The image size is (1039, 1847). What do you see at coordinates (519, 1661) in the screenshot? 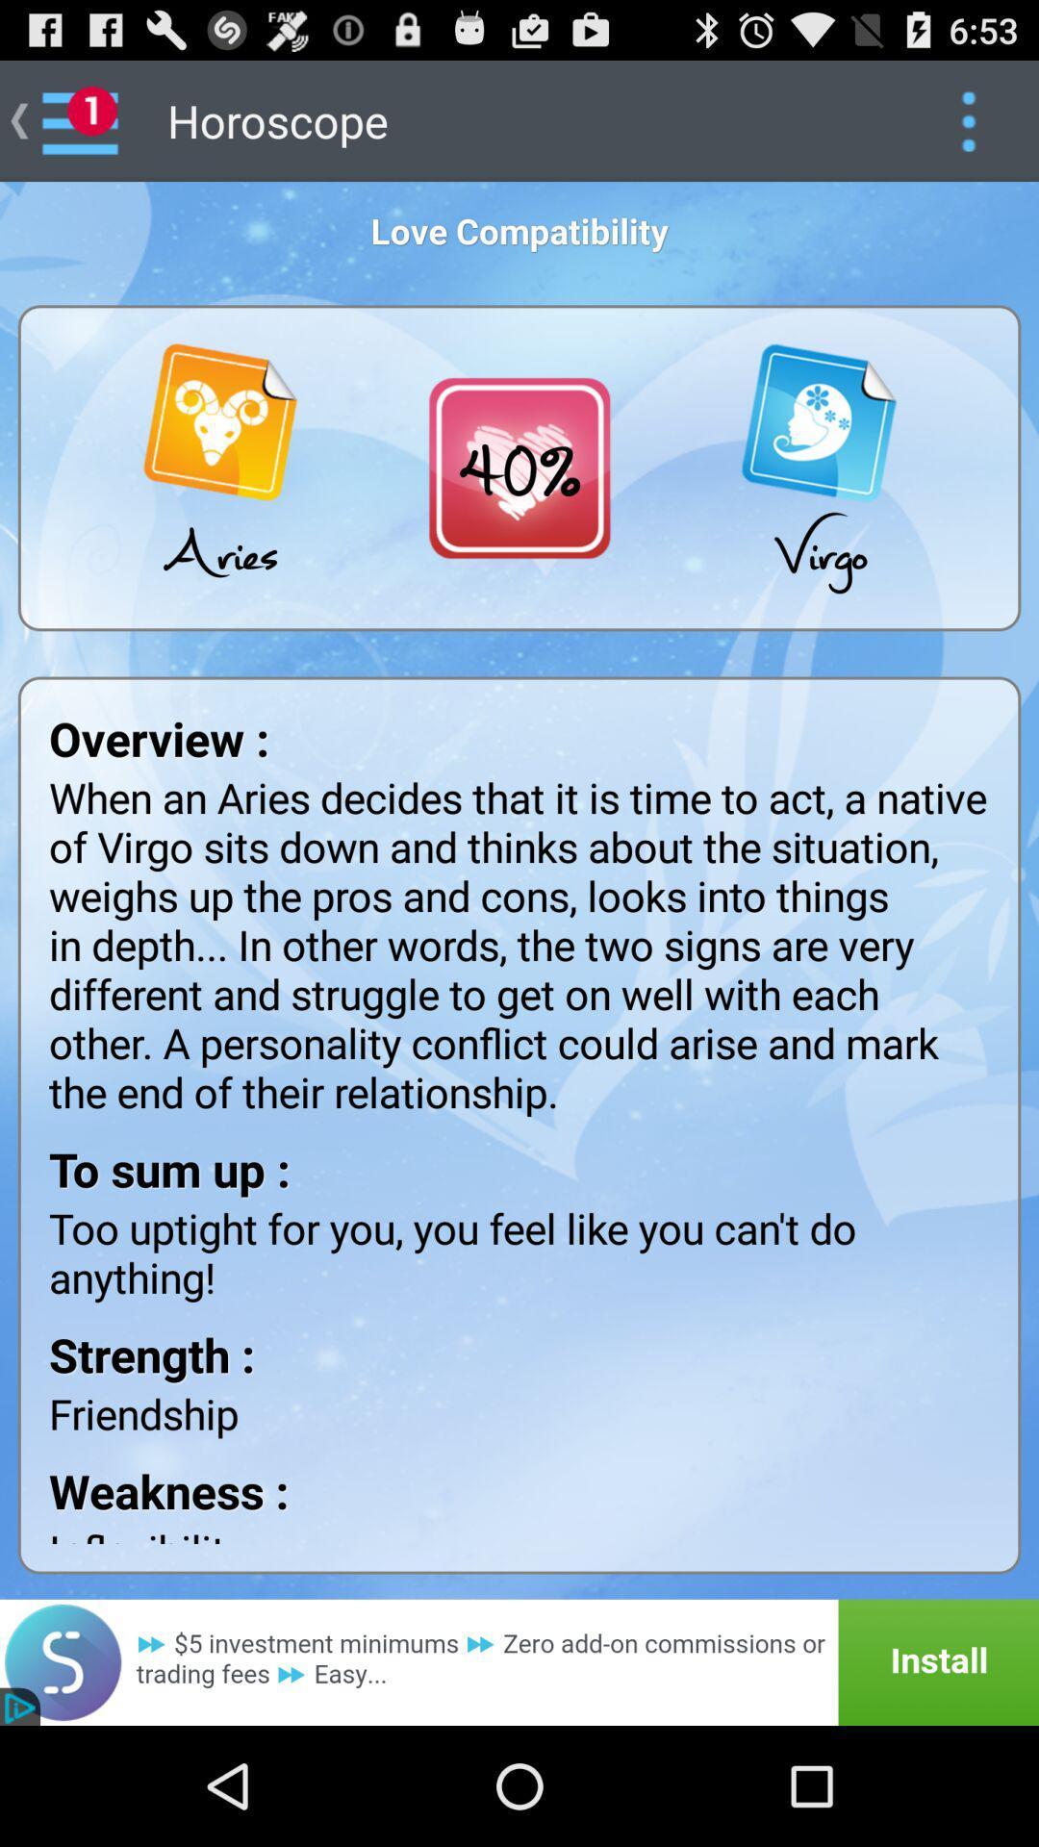
I see `url` at bounding box center [519, 1661].